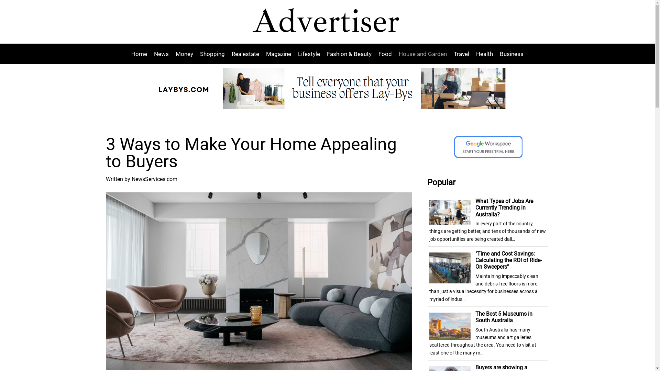 The width and height of the screenshot is (660, 371). Describe the element at coordinates (496, 54) in the screenshot. I see `'Business'` at that location.